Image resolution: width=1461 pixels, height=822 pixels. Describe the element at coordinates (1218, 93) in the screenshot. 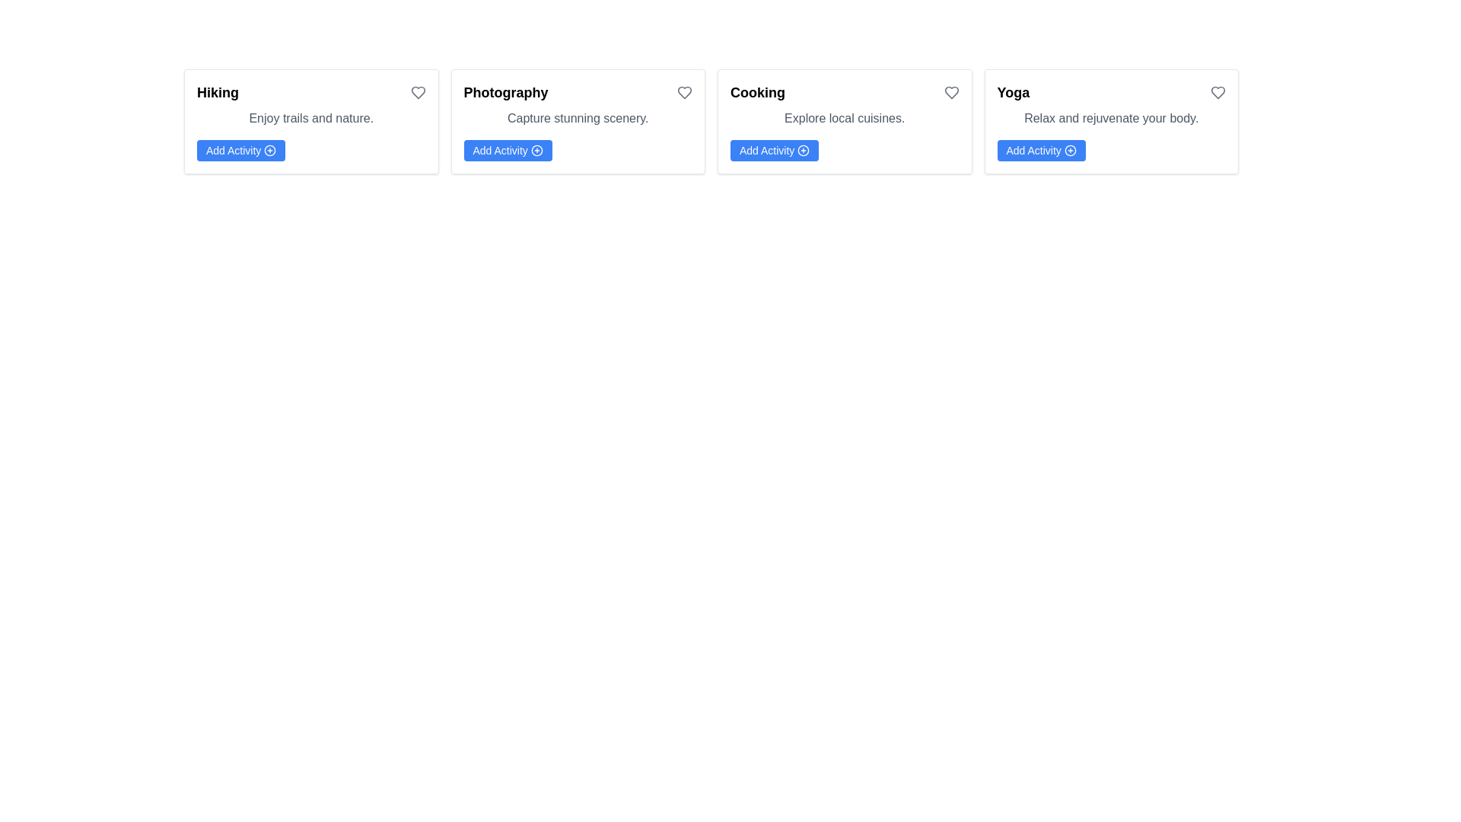

I see `the icon button that marks the 'Yoga' activity as a favorite` at that location.